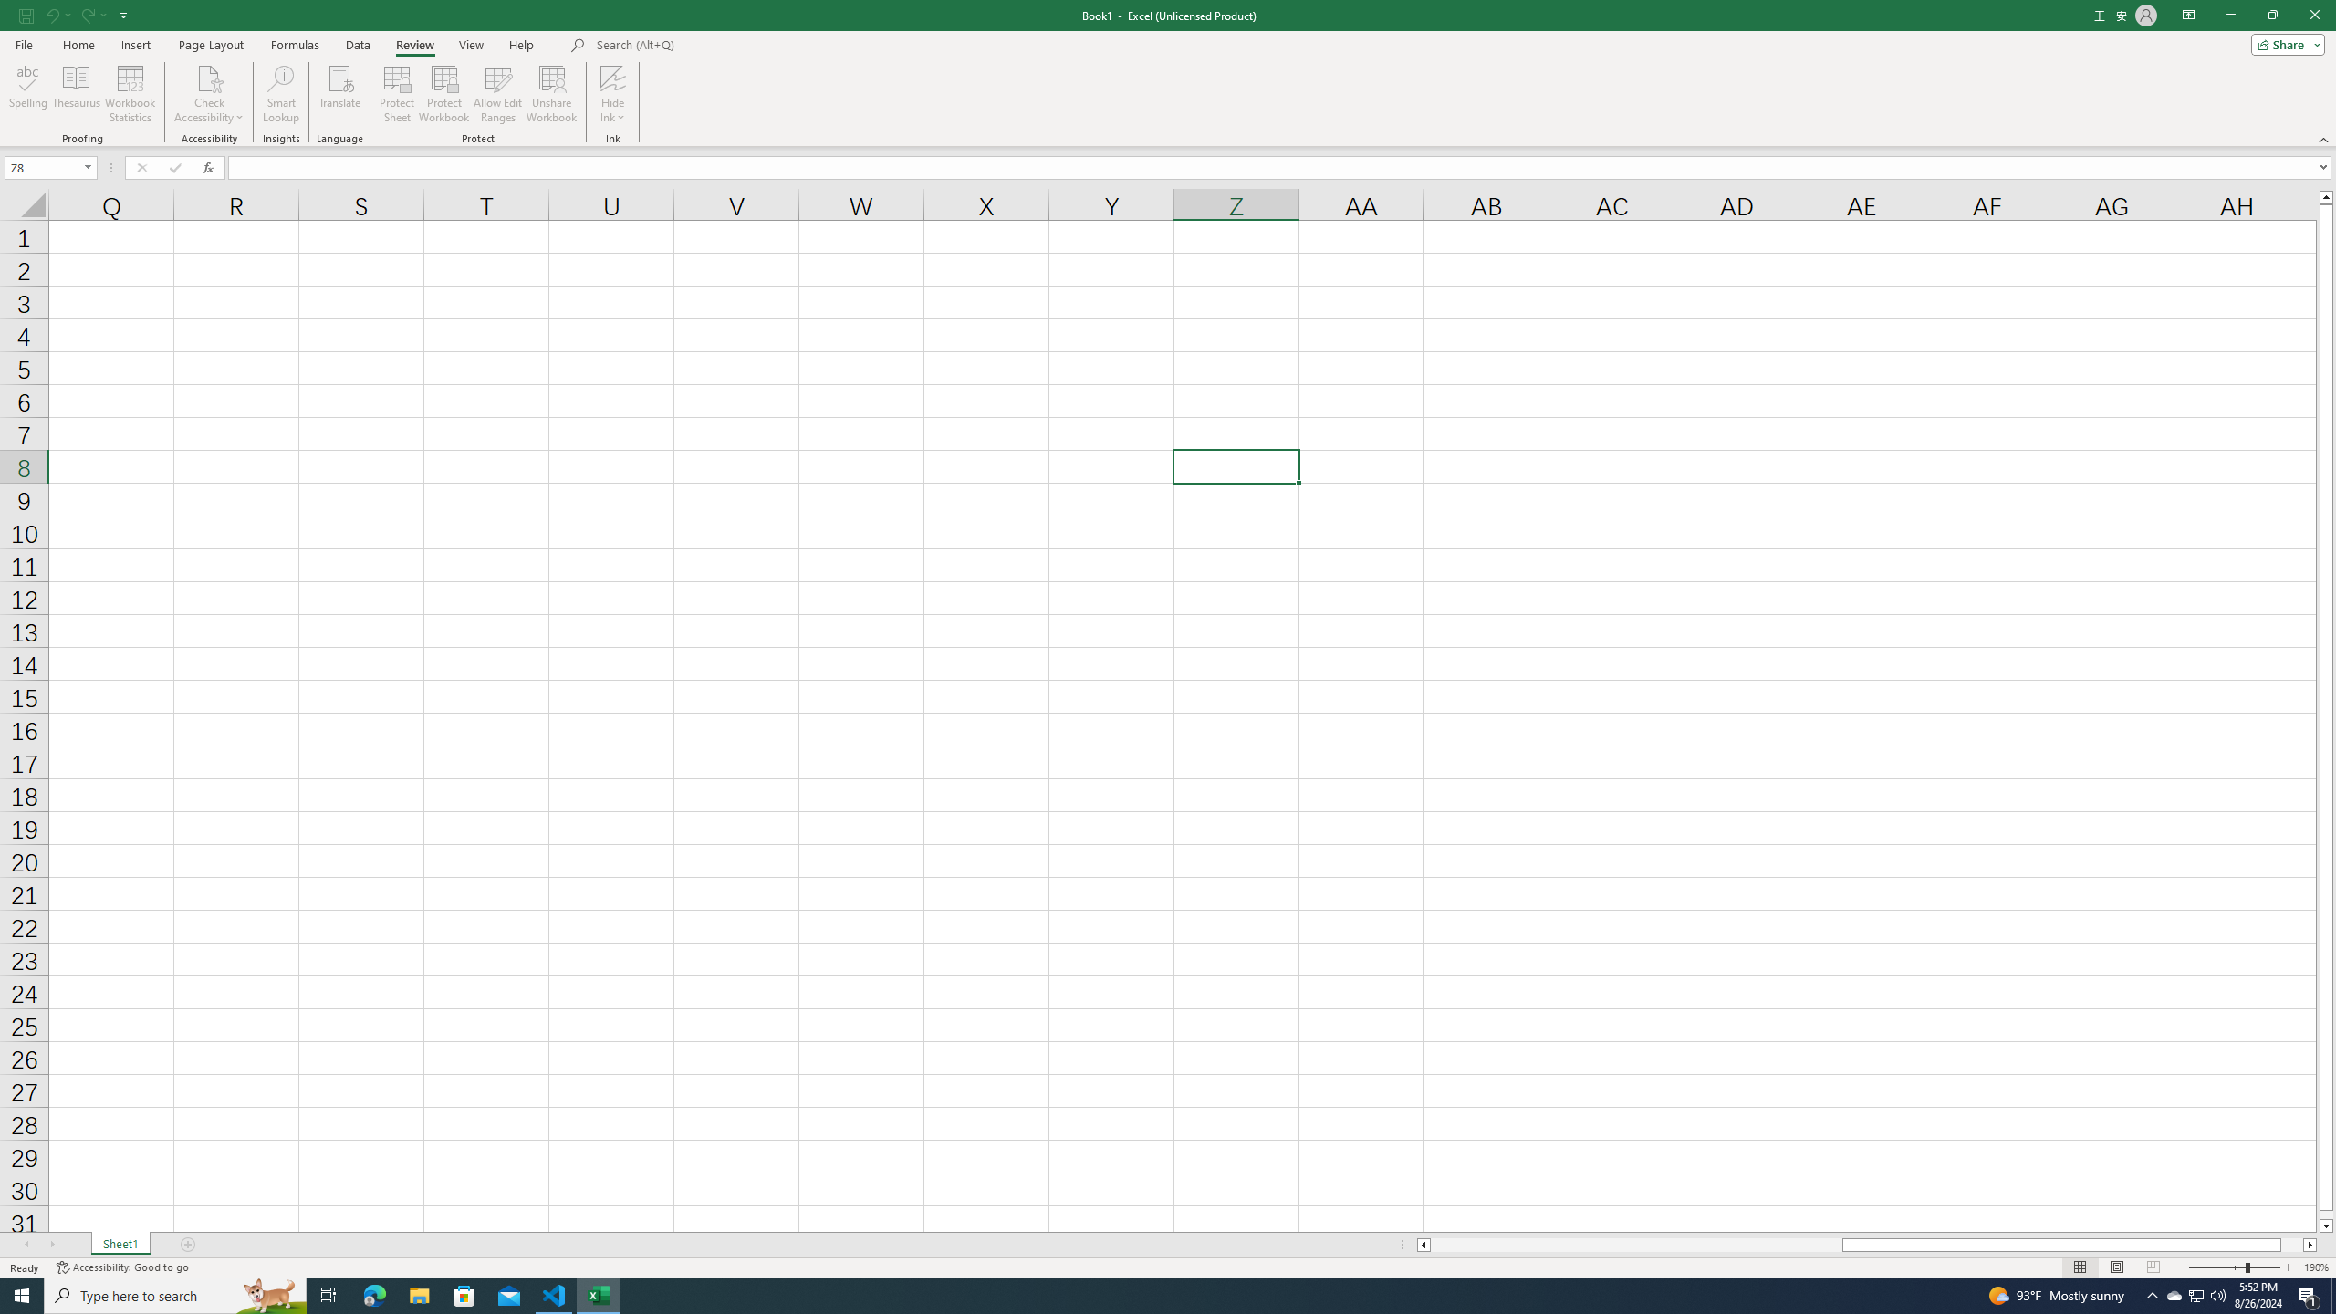 The width and height of the screenshot is (2336, 1314). I want to click on 'Hide Ink', so click(613, 94).